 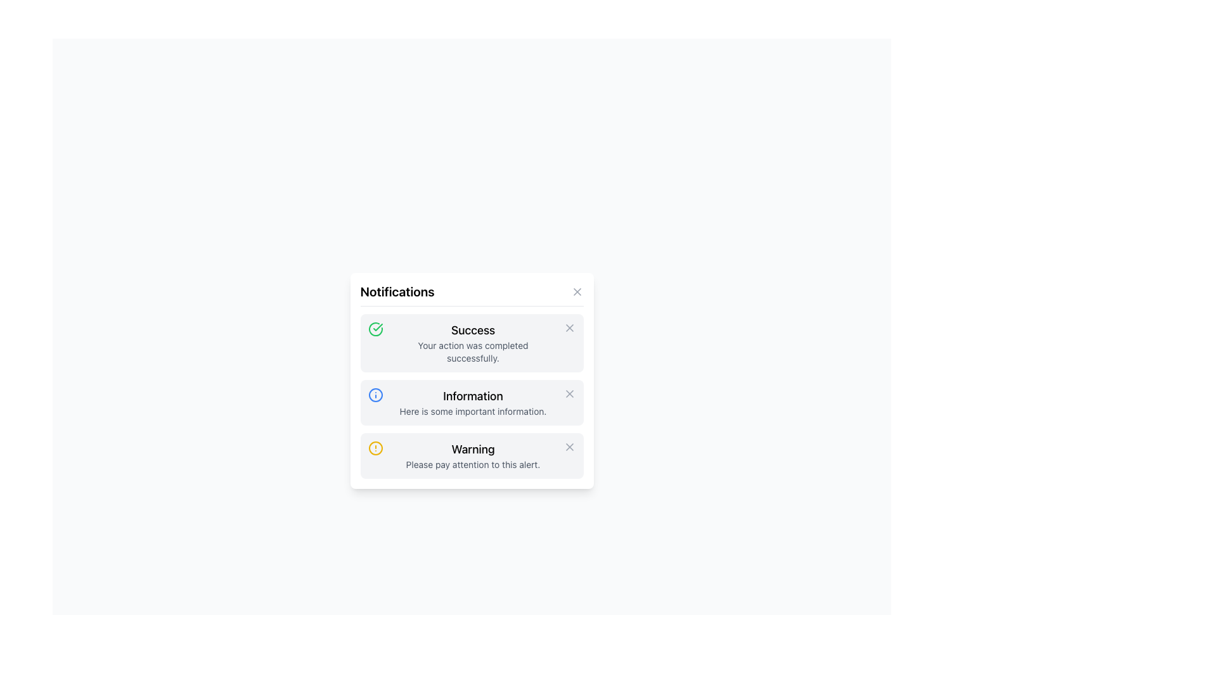 I want to click on the alert icon with a bold yellow circular border, located in the 'Warning' notification section, to the left of the 'Warning' text, so click(x=375, y=447).